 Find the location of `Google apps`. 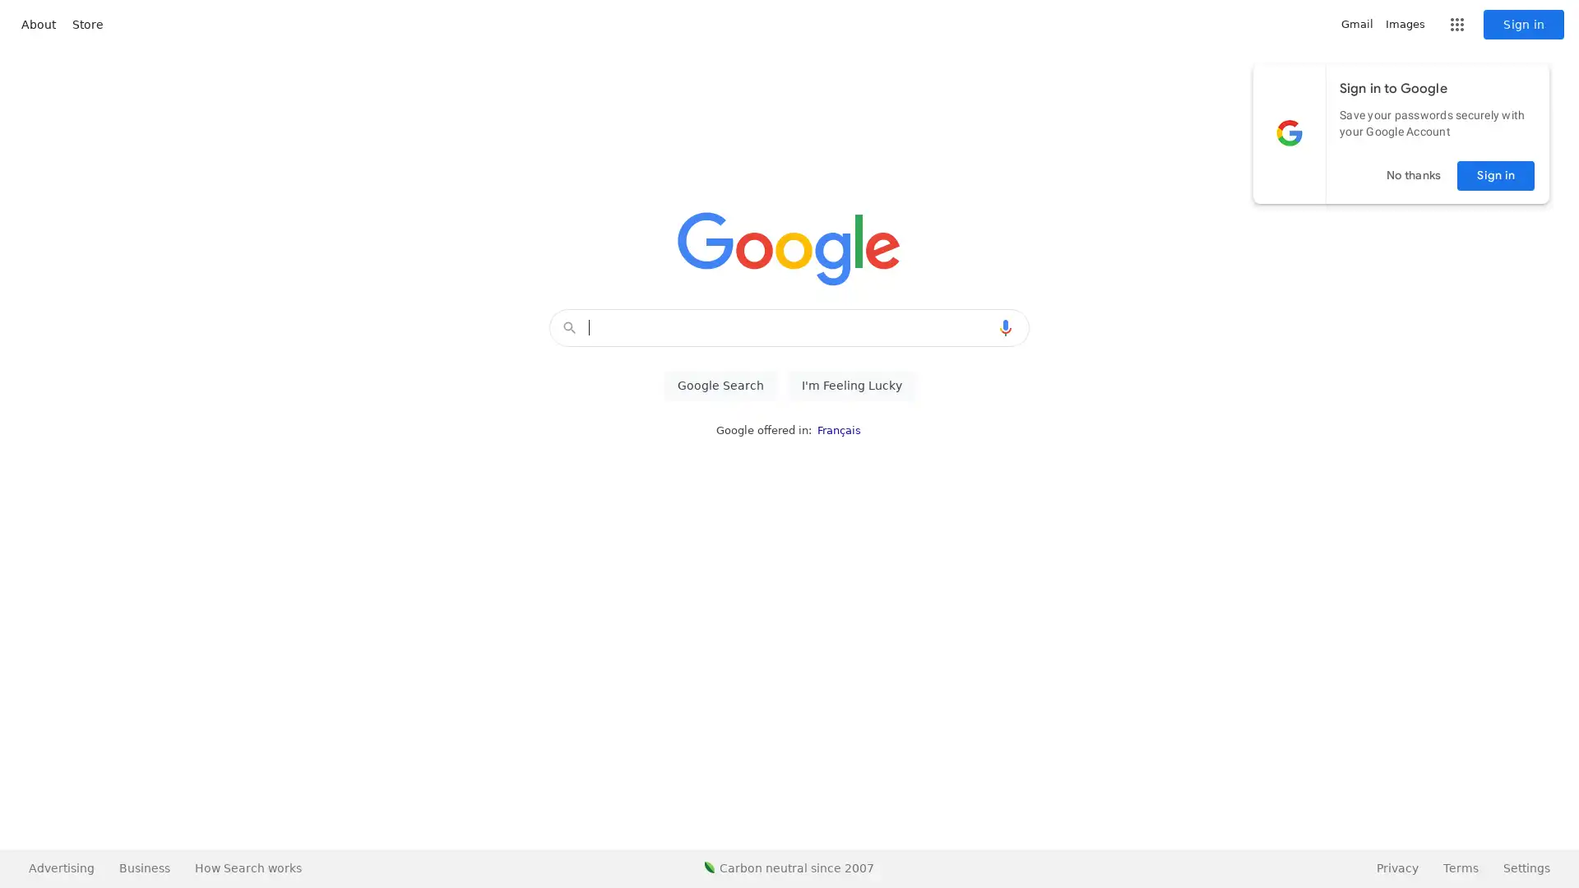

Google apps is located at coordinates (1456, 25).